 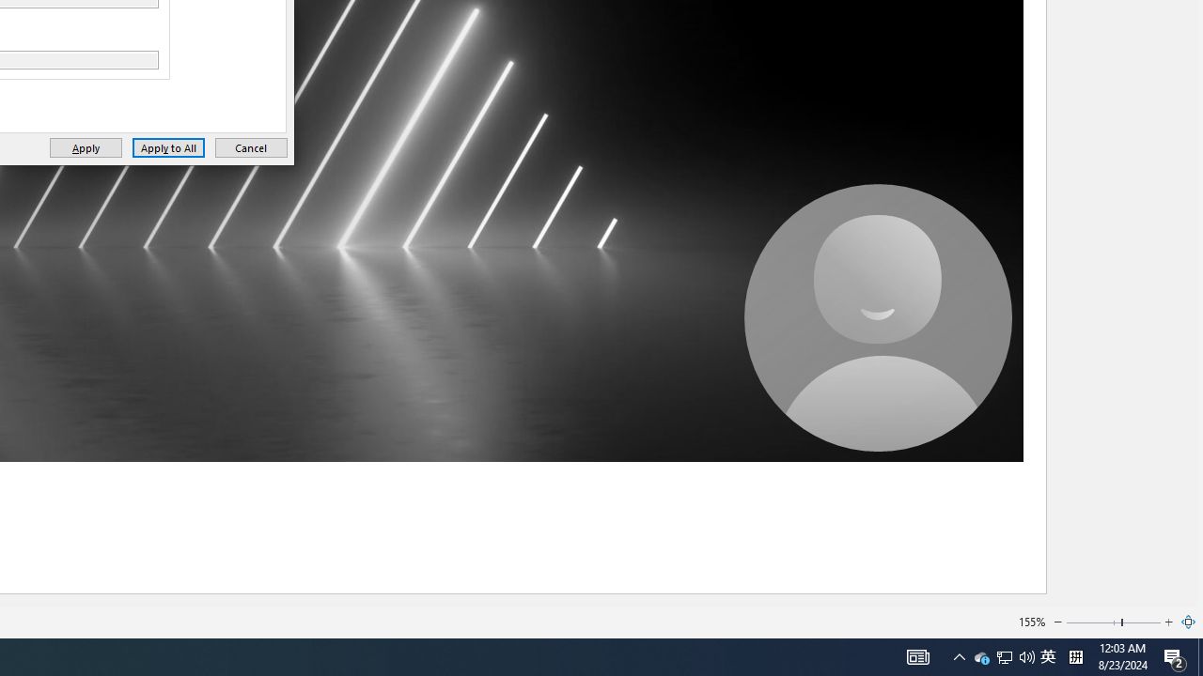 I want to click on '155%', so click(x=1031, y=622).